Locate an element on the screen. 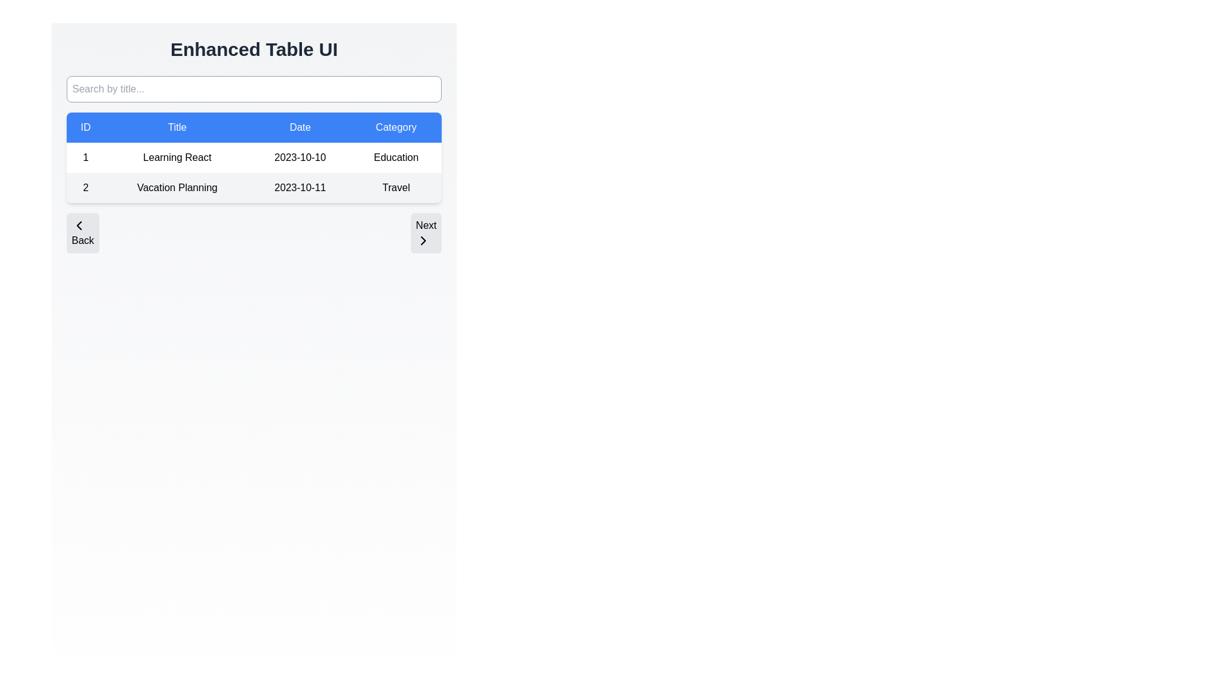 Image resolution: width=1208 pixels, height=679 pixels. the second row is located at coordinates (253, 188).